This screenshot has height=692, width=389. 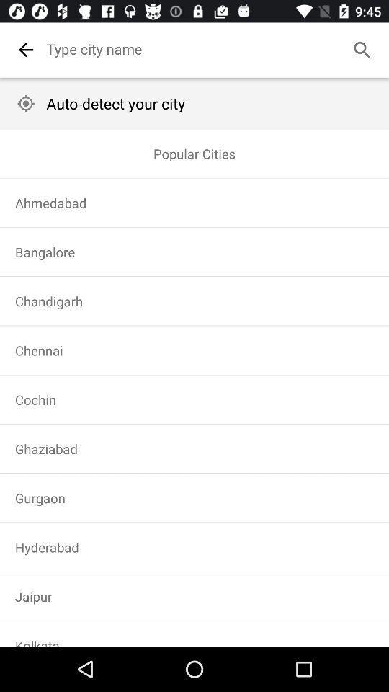 I want to click on return to previous screen, so click(x=26, y=50).